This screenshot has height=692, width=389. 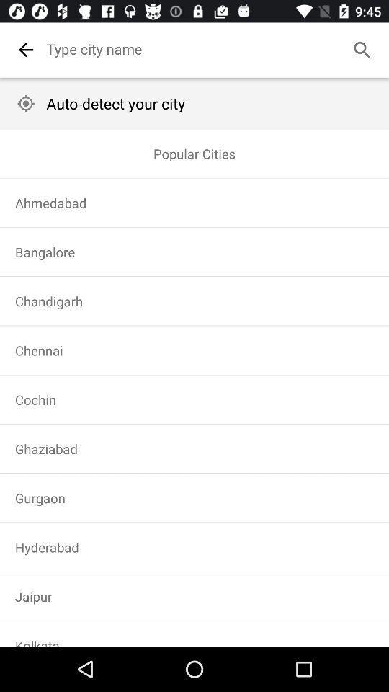 I want to click on return to previous screen, so click(x=26, y=50).